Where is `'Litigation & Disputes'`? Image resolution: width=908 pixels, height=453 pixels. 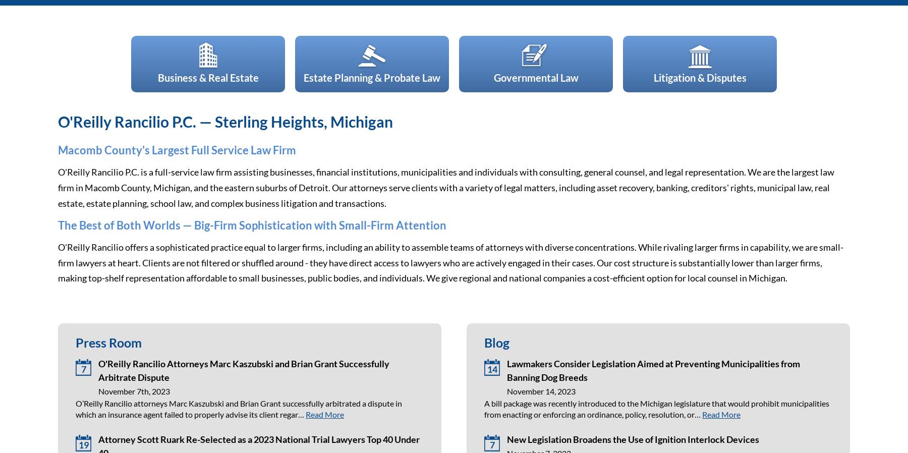
'Litigation & Disputes' is located at coordinates (653, 77).